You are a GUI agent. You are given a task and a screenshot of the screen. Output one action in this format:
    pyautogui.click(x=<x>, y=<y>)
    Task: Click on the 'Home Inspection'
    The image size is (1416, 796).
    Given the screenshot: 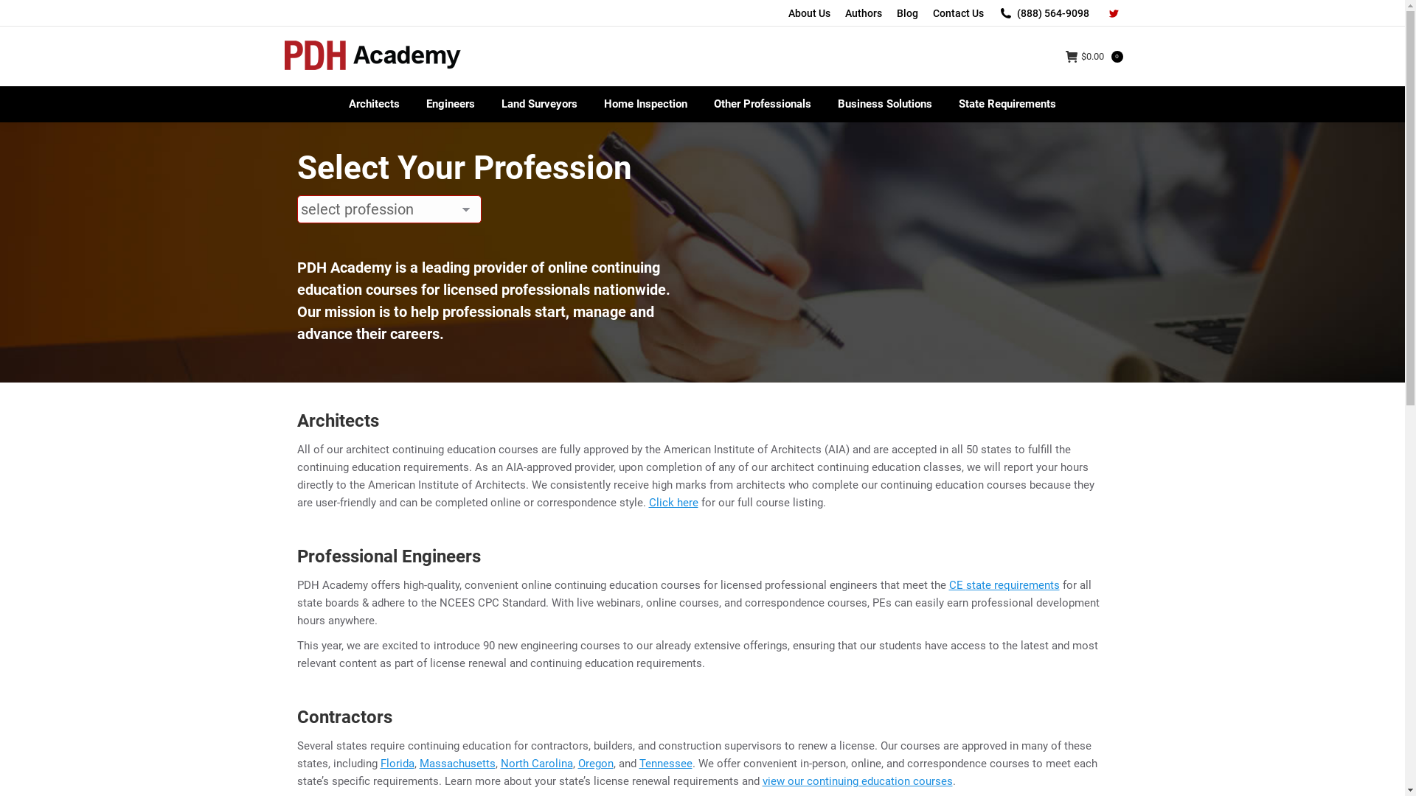 What is the action you would take?
    pyautogui.click(x=645, y=103)
    